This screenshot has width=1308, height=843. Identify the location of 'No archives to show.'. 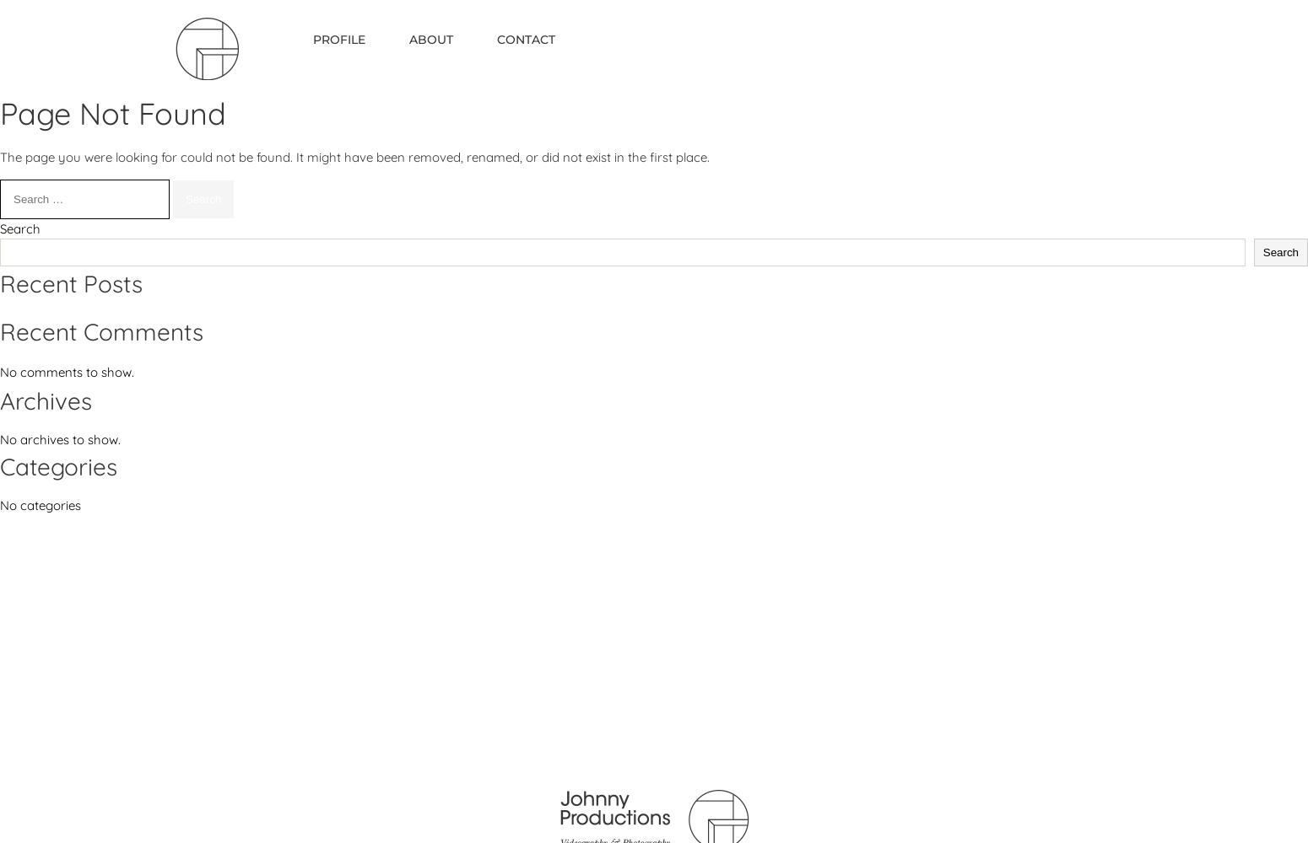
(59, 439).